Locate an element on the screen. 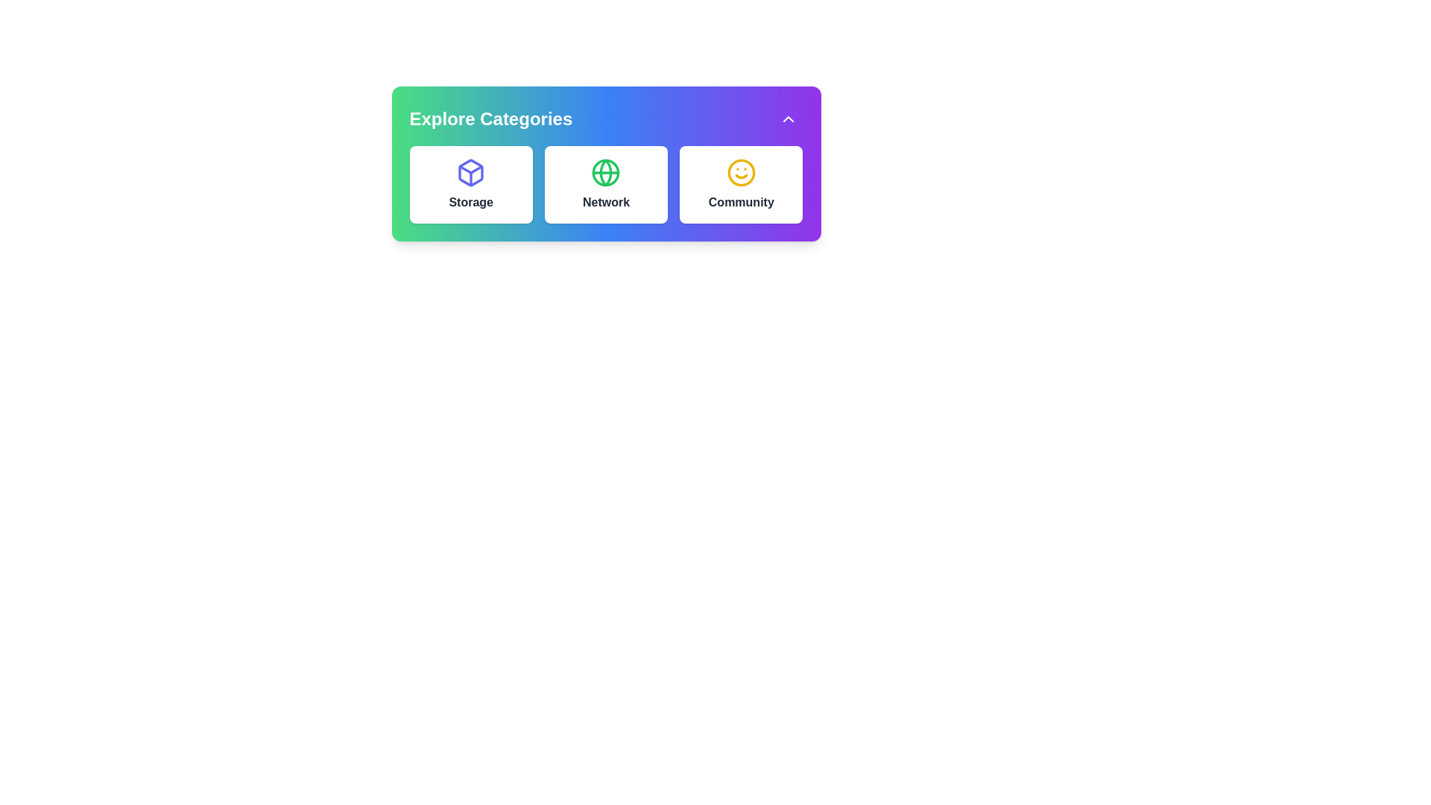 The image size is (1431, 805). text content of the label located at the bottom part of the card layout, directly below the yellow smiley face icon is located at coordinates (741, 203).